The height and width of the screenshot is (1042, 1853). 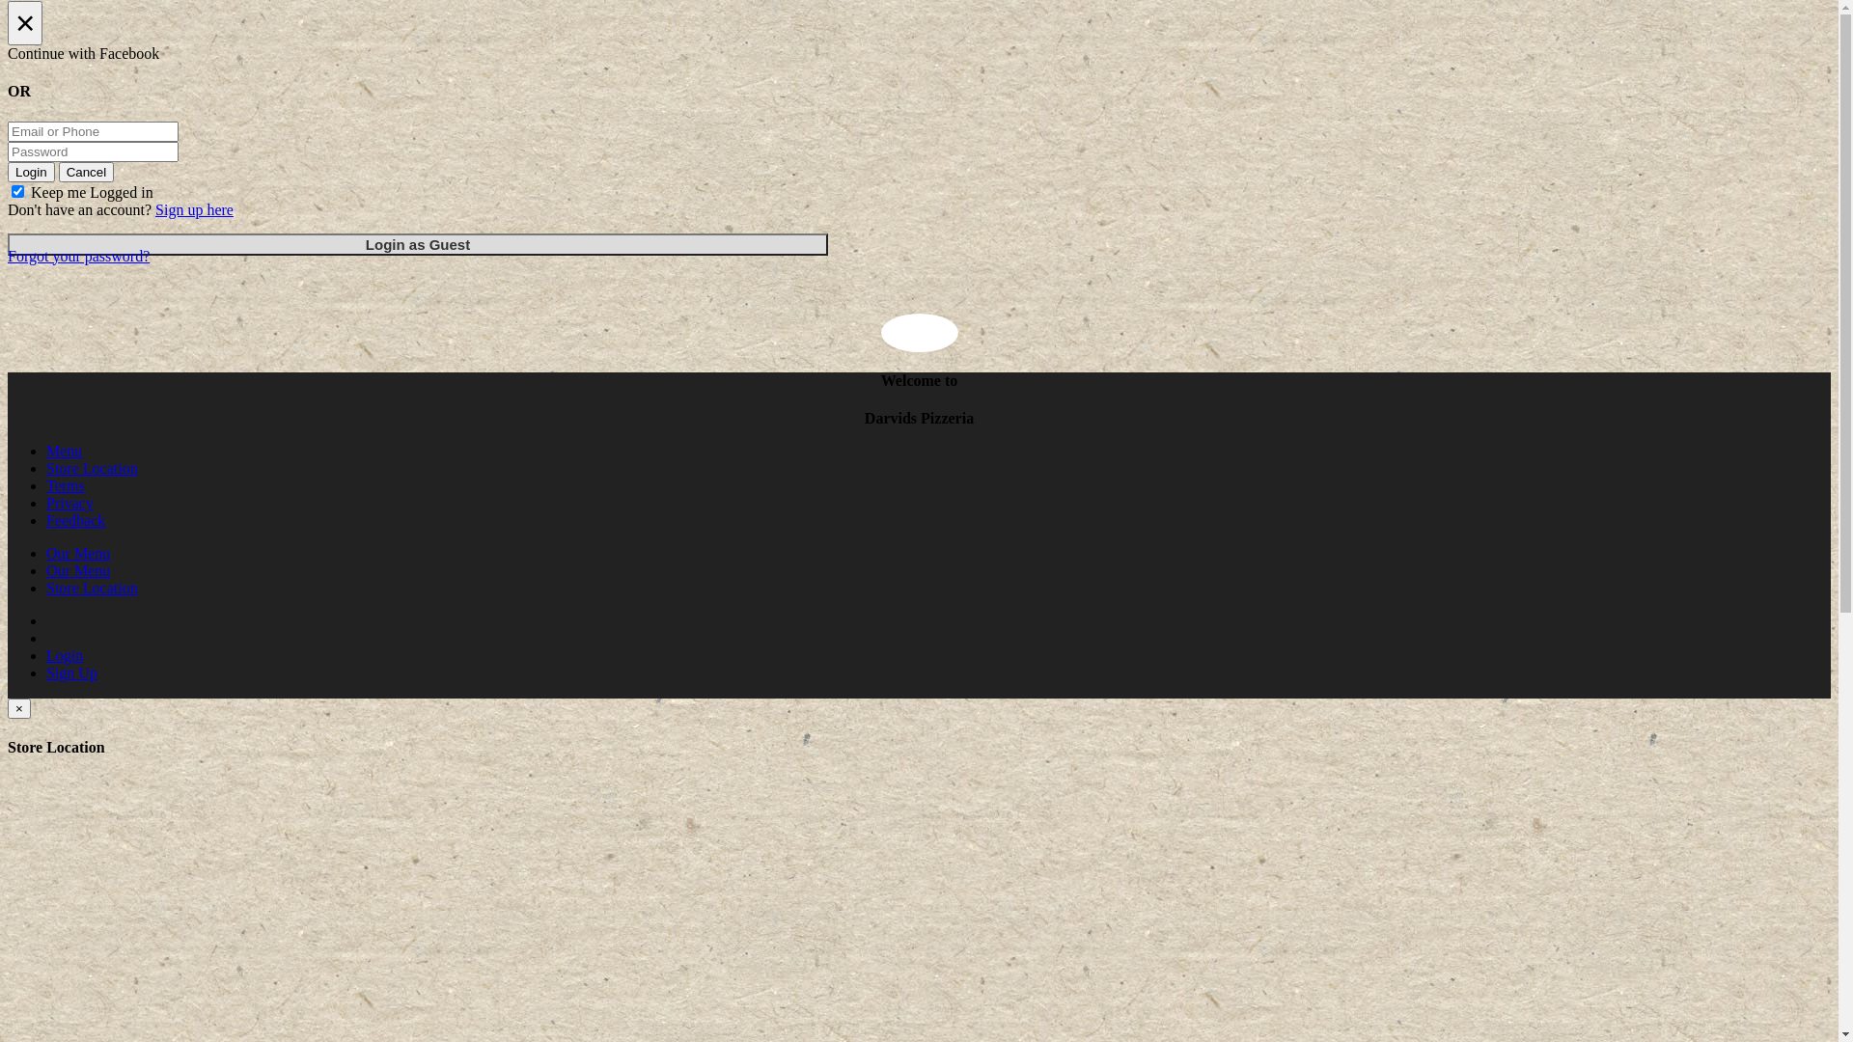 What do you see at coordinates (64, 451) in the screenshot?
I see `'Menu'` at bounding box center [64, 451].